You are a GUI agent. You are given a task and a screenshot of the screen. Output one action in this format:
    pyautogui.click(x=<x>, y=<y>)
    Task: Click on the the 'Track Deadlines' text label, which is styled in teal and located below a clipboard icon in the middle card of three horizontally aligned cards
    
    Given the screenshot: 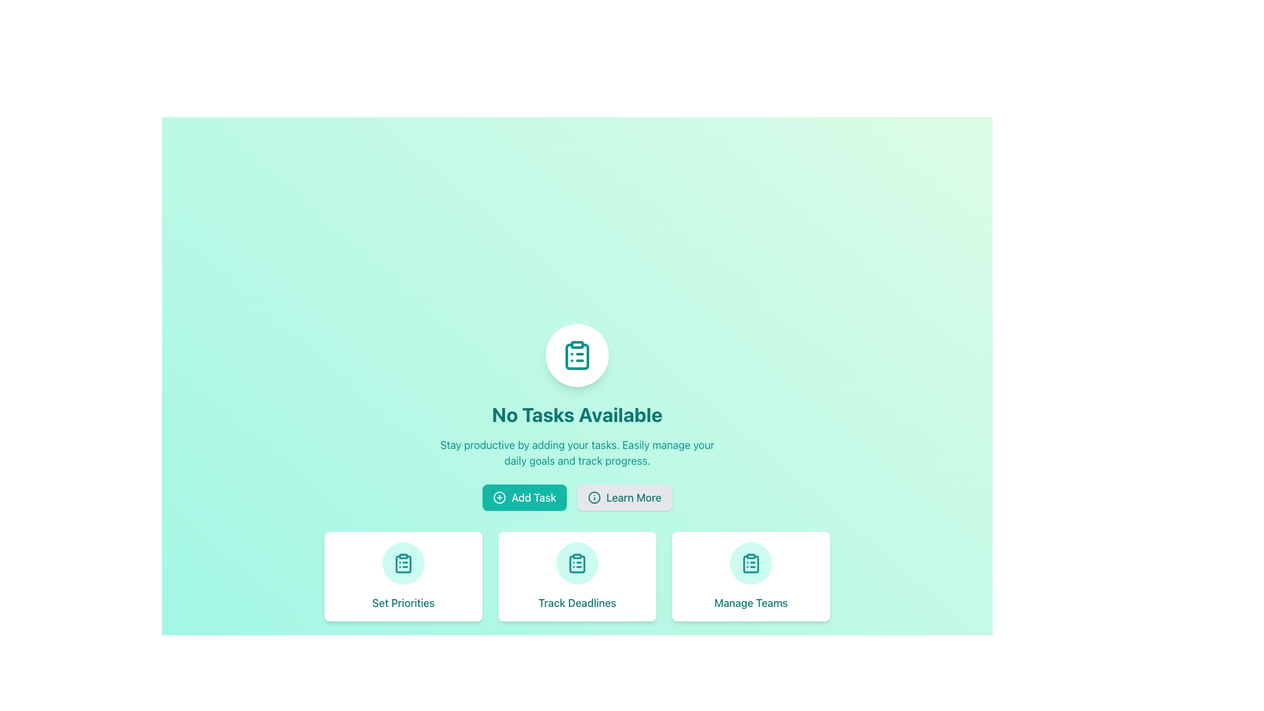 What is the action you would take?
    pyautogui.click(x=577, y=602)
    